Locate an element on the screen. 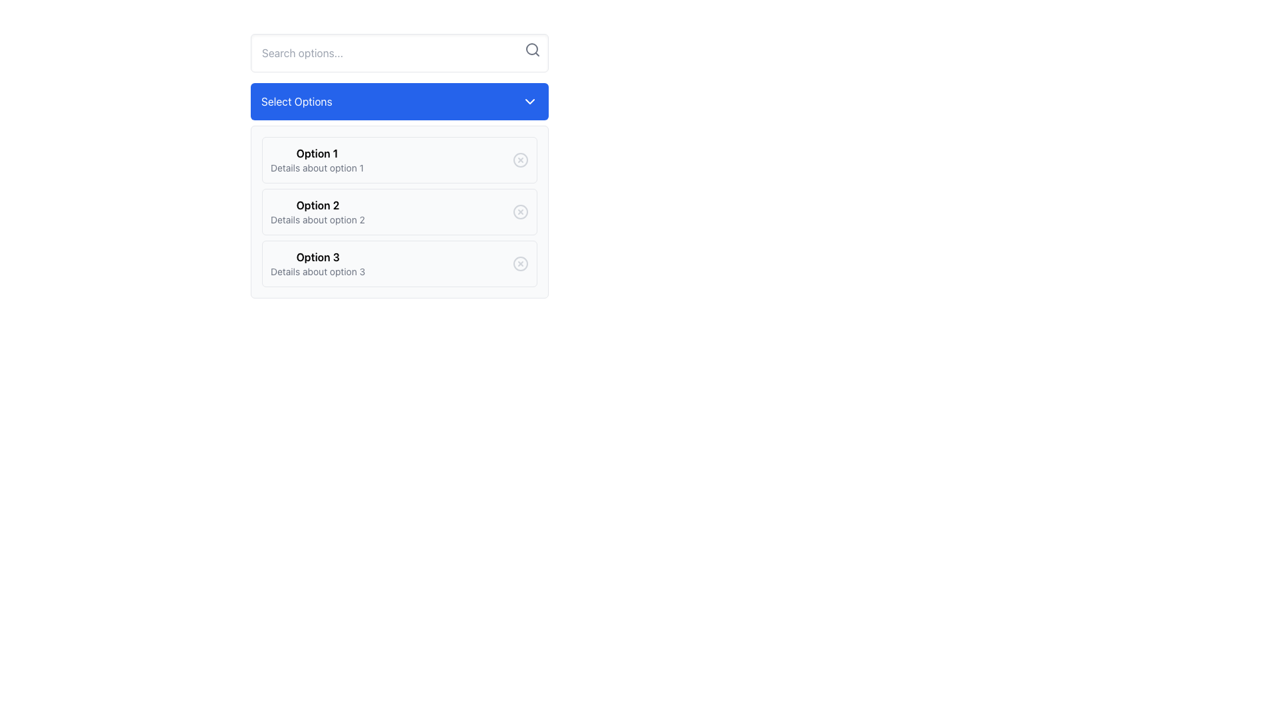  the text label displaying 'Option 3', which is the title text of the third item in a vertical list of options is located at coordinates (317, 257).